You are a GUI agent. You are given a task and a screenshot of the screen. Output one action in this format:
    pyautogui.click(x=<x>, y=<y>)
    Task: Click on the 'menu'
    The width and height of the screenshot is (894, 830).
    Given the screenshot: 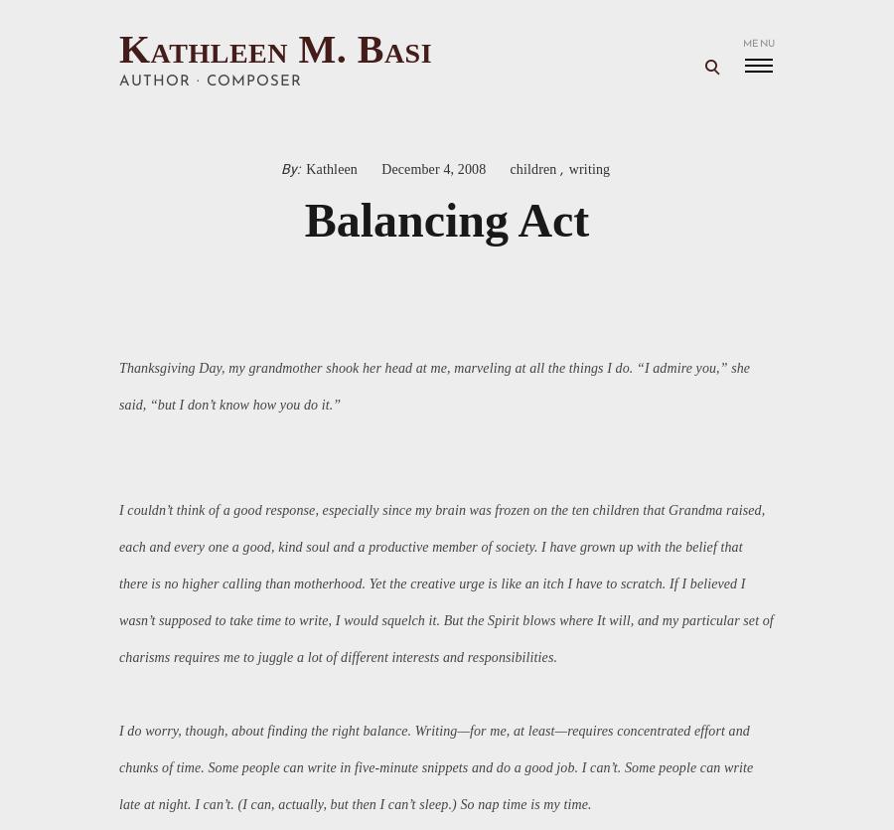 What is the action you would take?
    pyautogui.click(x=758, y=43)
    